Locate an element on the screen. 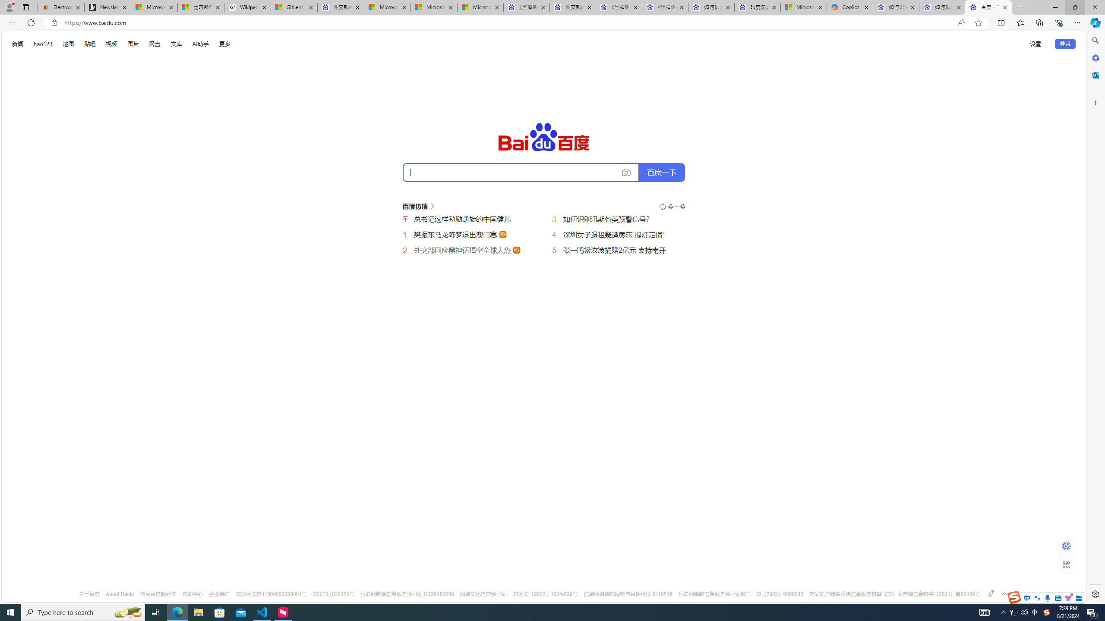 The image size is (1105, 621). 'AutomationID: kw' is located at coordinates (521, 172).